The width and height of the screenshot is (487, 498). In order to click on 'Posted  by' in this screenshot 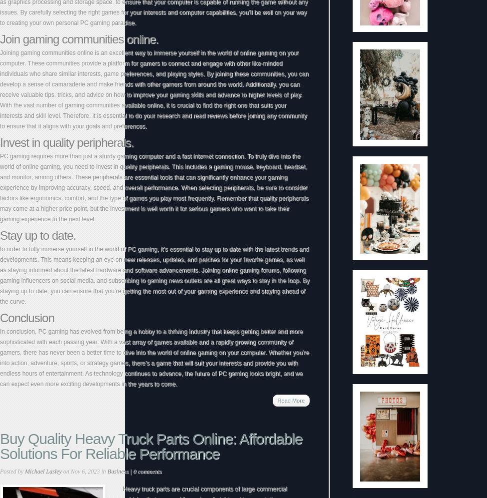, I will do `click(12, 471)`.